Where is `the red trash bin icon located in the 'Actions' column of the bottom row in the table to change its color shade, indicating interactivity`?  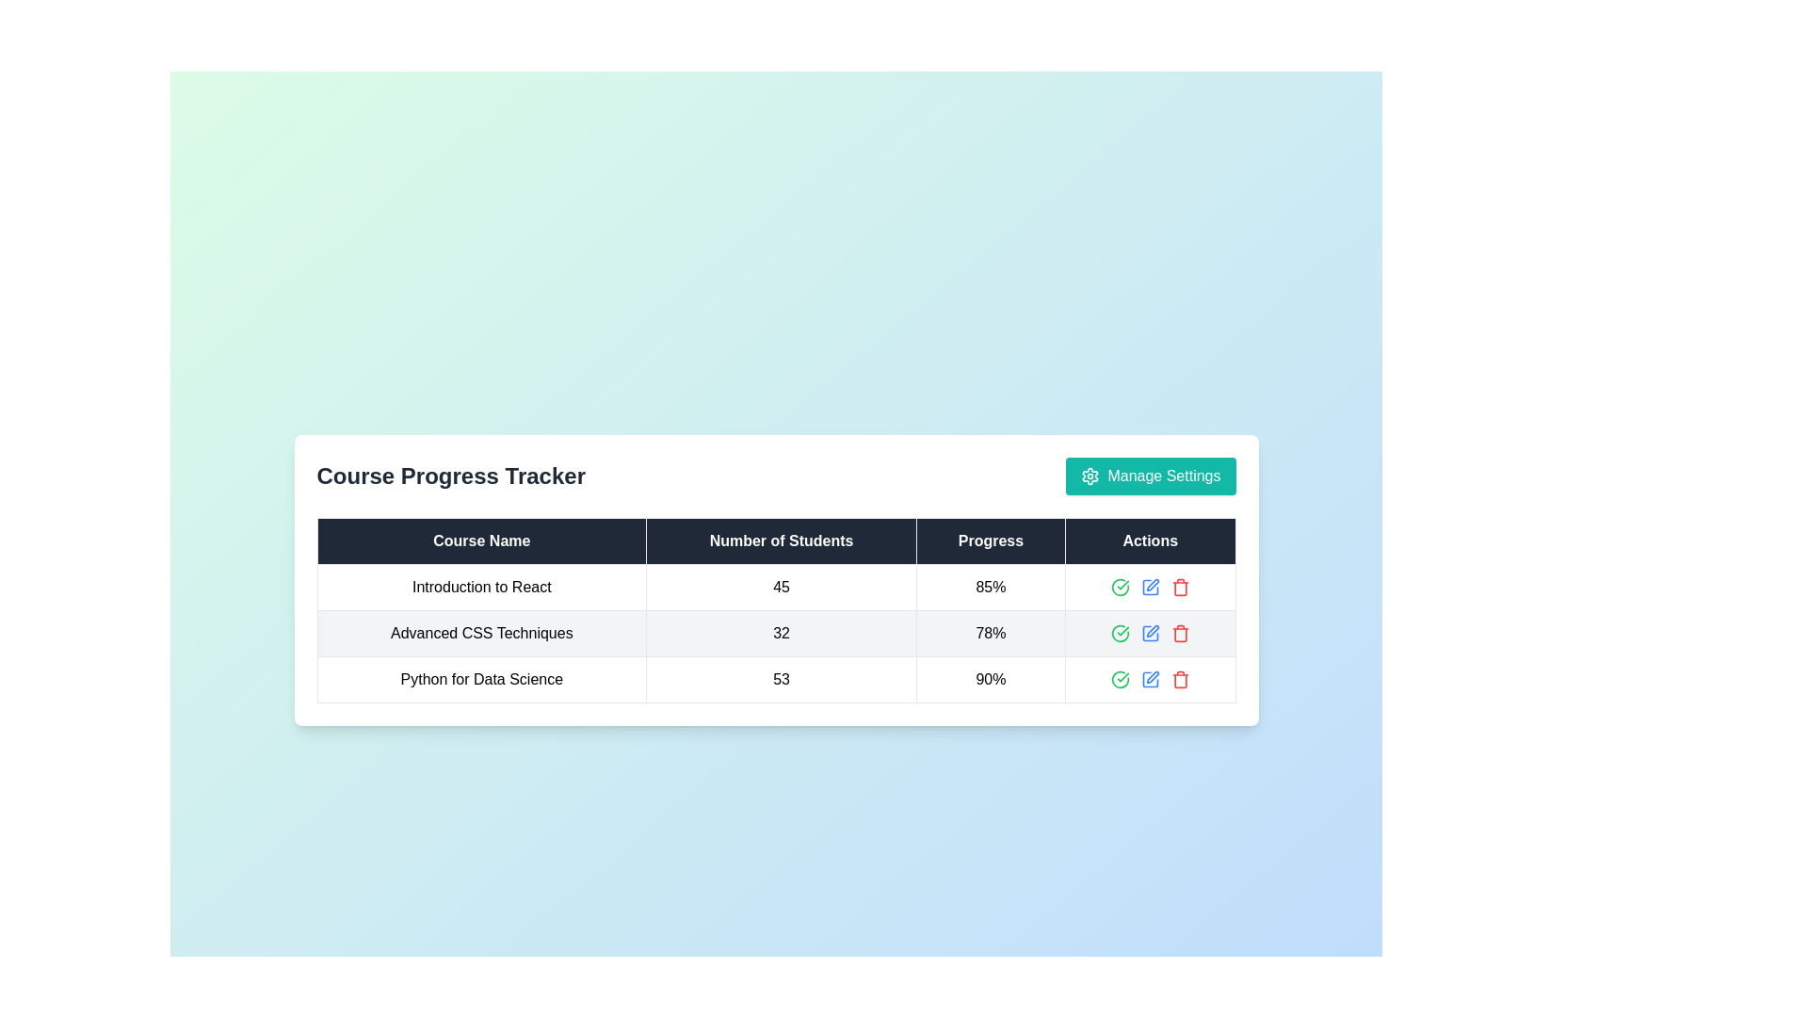
the red trash bin icon located in the 'Actions' column of the bottom row in the table to change its color shade, indicating interactivity is located at coordinates (1179, 679).